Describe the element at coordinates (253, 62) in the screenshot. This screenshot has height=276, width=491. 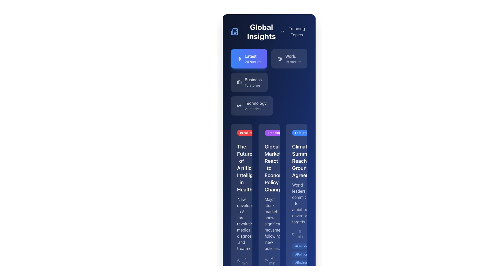
I see `the text element that displays '24 stories', located below the 'Latest' heading in the highlighted section of the interface` at that location.